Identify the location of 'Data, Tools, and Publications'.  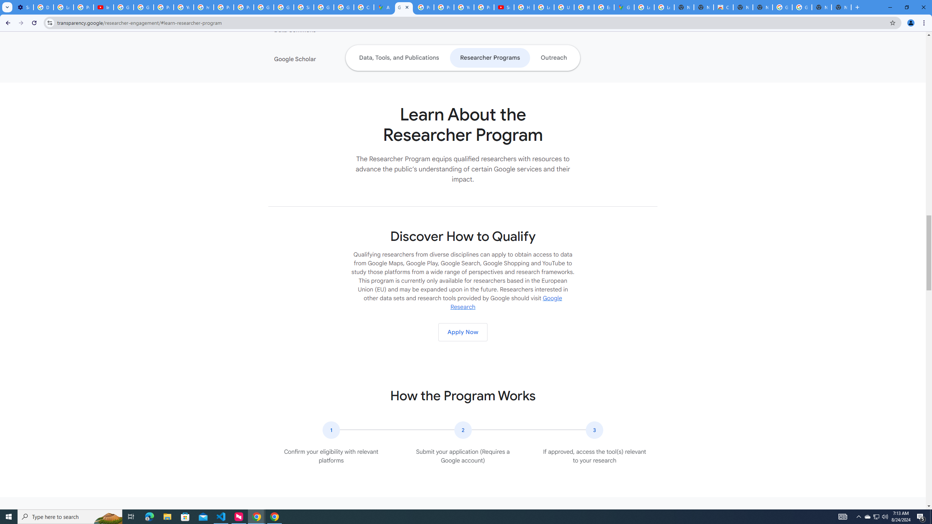
(398, 57).